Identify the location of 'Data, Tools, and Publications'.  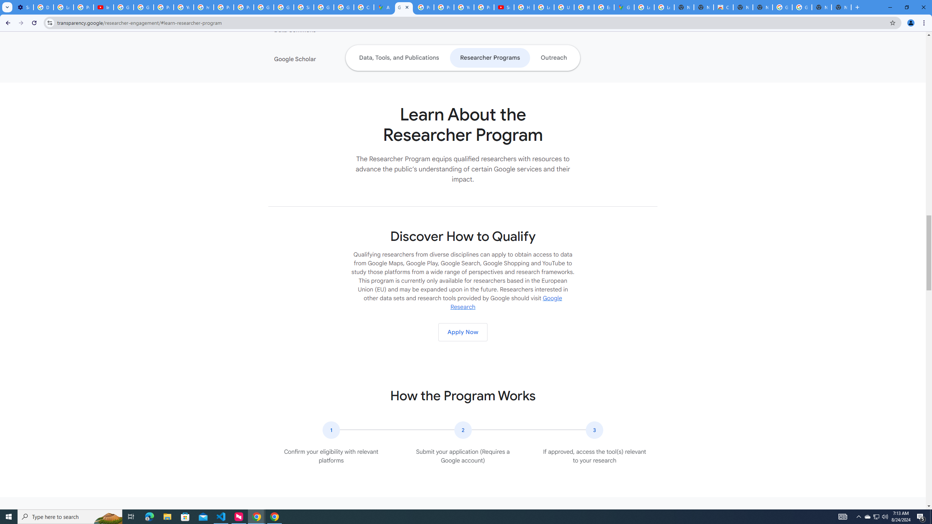
(398, 57).